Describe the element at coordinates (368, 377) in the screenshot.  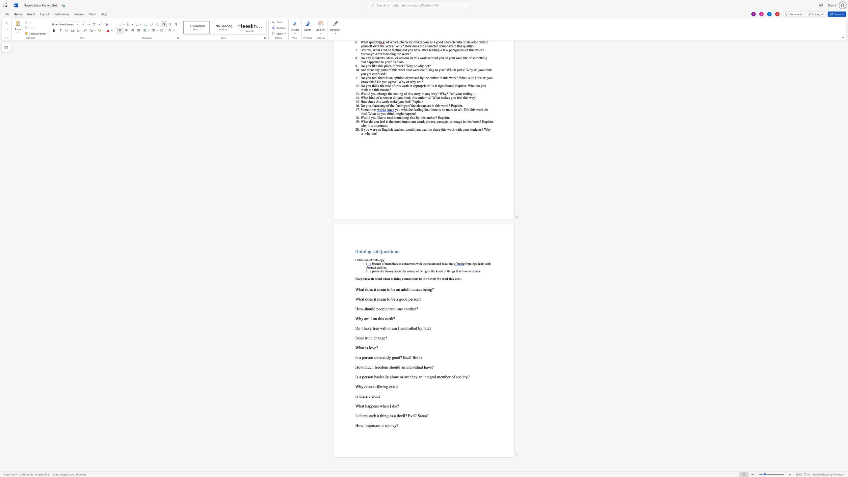
I see `the 2th character "s" in the text` at that location.